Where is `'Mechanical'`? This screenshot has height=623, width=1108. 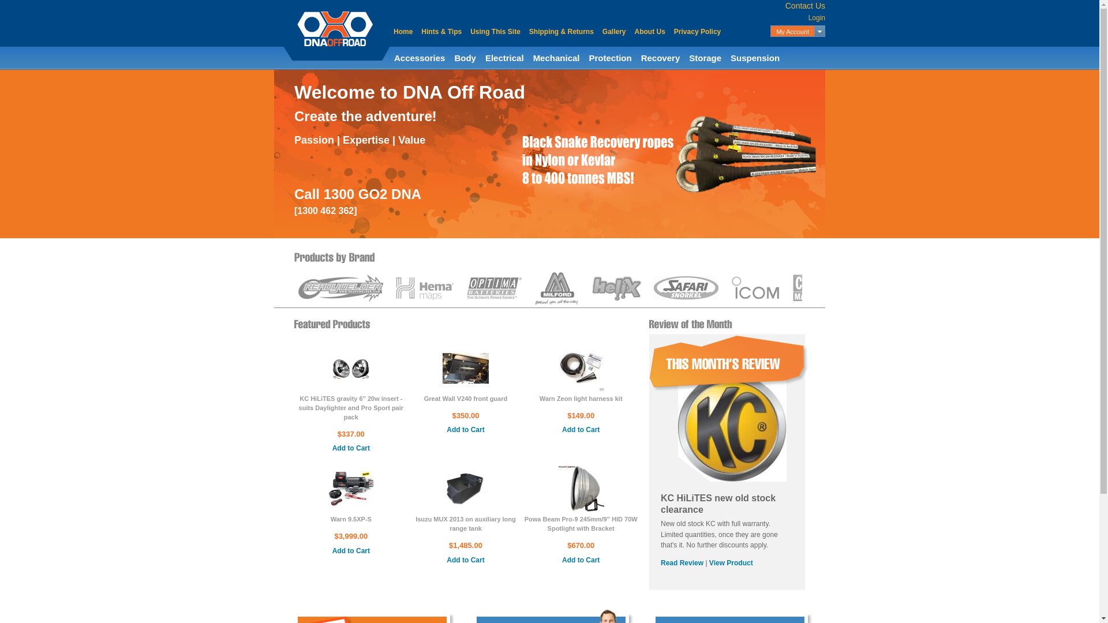
'Mechanical' is located at coordinates (556, 58).